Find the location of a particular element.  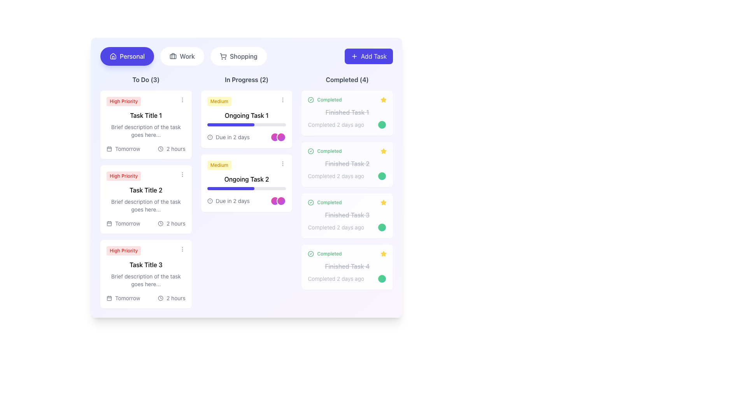

the yellow filled star icon located in the 'Completed Tasks' section next to 'Finished Task 2' is located at coordinates (383, 99).